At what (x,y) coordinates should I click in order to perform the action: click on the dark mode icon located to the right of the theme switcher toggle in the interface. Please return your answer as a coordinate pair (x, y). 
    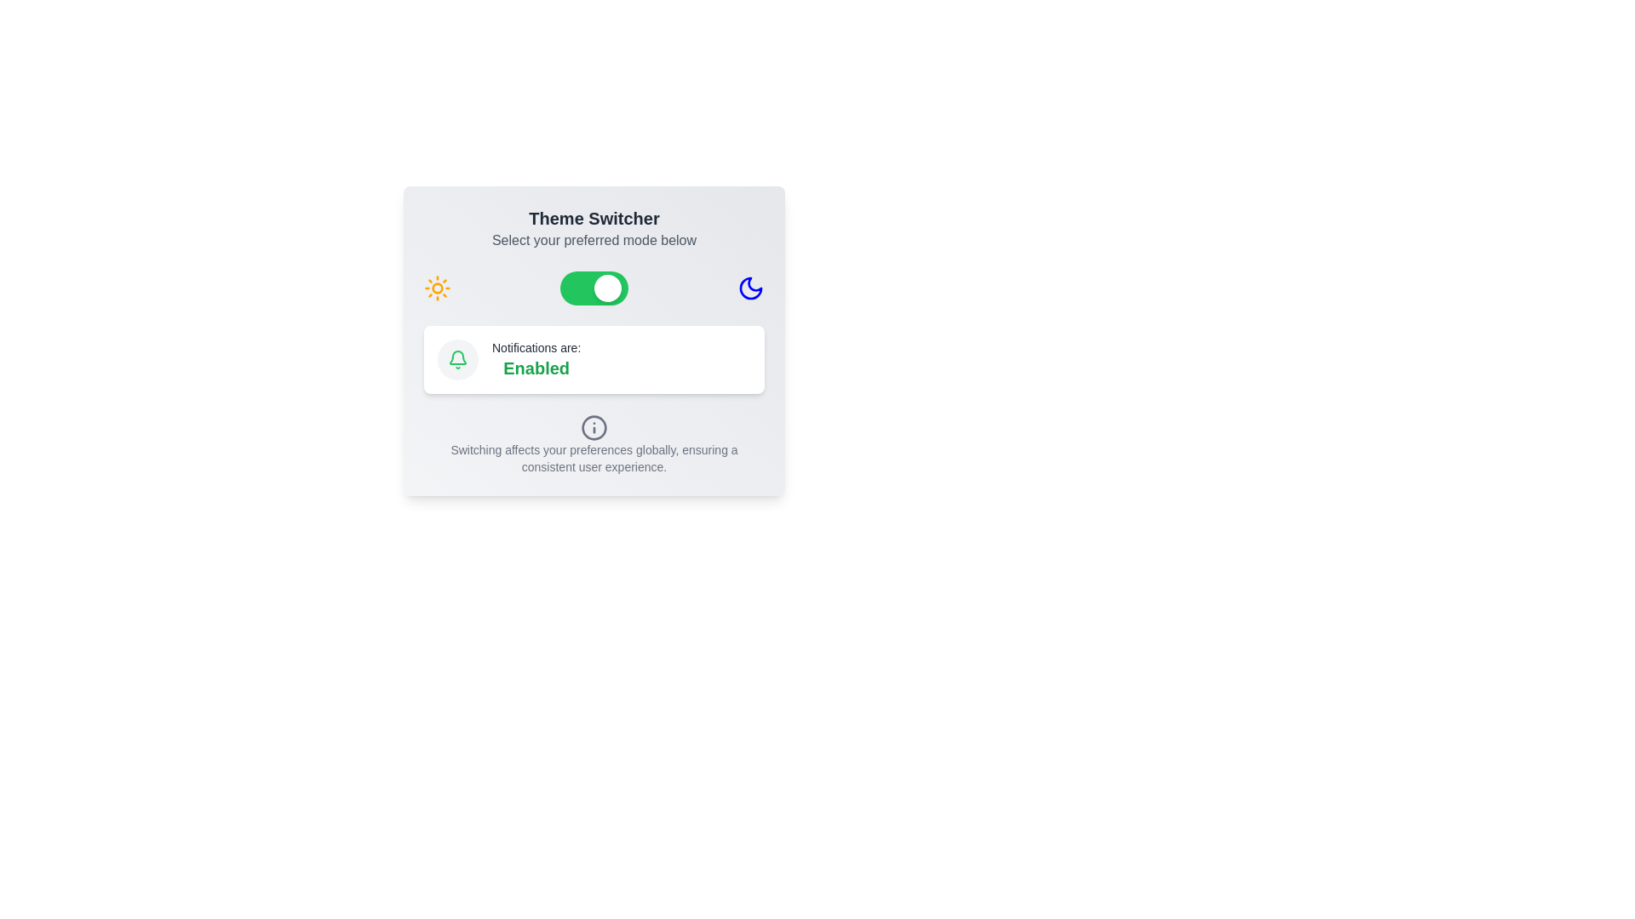
    Looking at the image, I should click on (750, 288).